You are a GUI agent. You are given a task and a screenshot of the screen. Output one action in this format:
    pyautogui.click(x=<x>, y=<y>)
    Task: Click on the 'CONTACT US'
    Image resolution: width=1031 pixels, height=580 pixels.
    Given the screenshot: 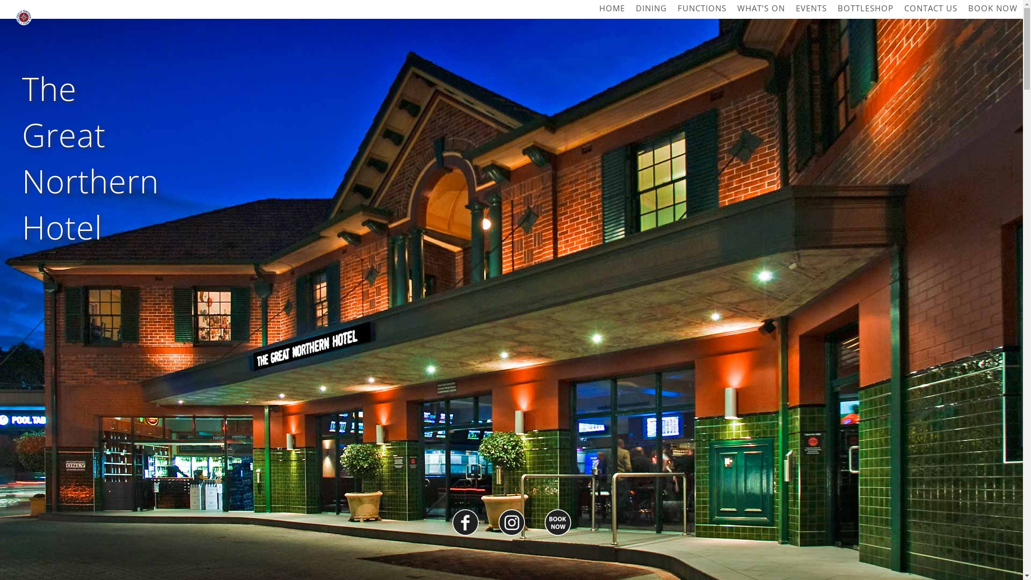 What is the action you would take?
    pyautogui.click(x=930, y=8)
    